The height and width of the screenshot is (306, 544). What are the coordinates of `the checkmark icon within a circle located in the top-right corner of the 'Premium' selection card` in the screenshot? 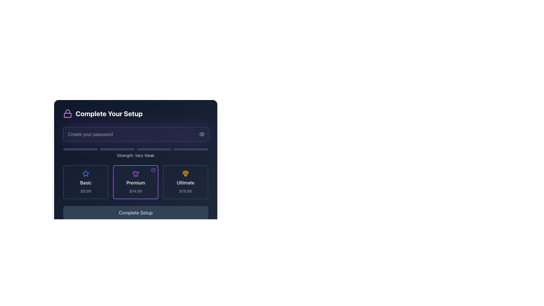 It's located at (153, 170).